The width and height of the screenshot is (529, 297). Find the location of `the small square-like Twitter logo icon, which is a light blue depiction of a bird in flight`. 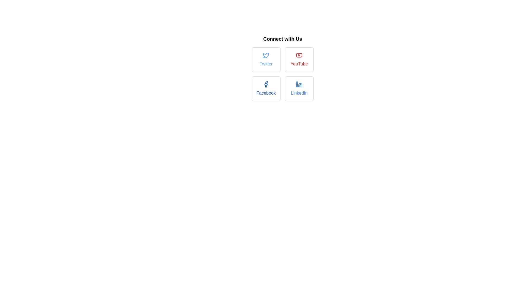

the small square-like Twitter logo icon, which is a light blue depiction of a bird in flight is located at coordinates (266, 55).